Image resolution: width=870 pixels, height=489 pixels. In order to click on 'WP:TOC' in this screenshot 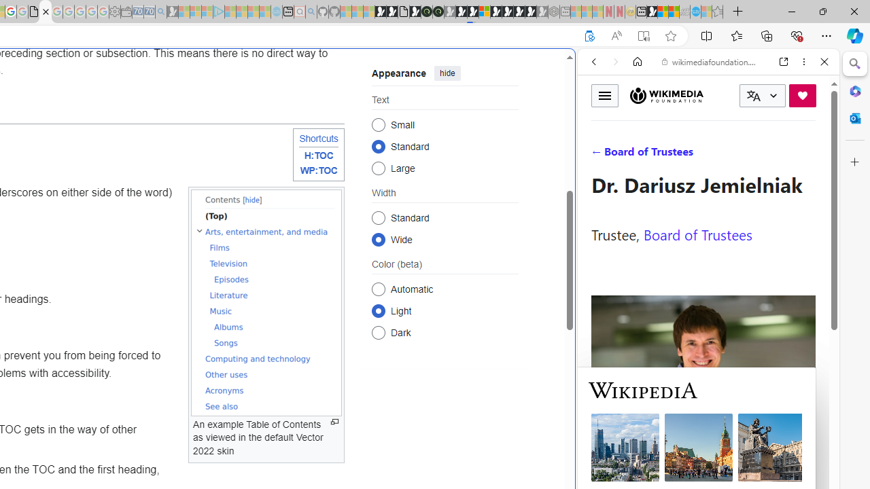, I will do `click(318, 170)`.